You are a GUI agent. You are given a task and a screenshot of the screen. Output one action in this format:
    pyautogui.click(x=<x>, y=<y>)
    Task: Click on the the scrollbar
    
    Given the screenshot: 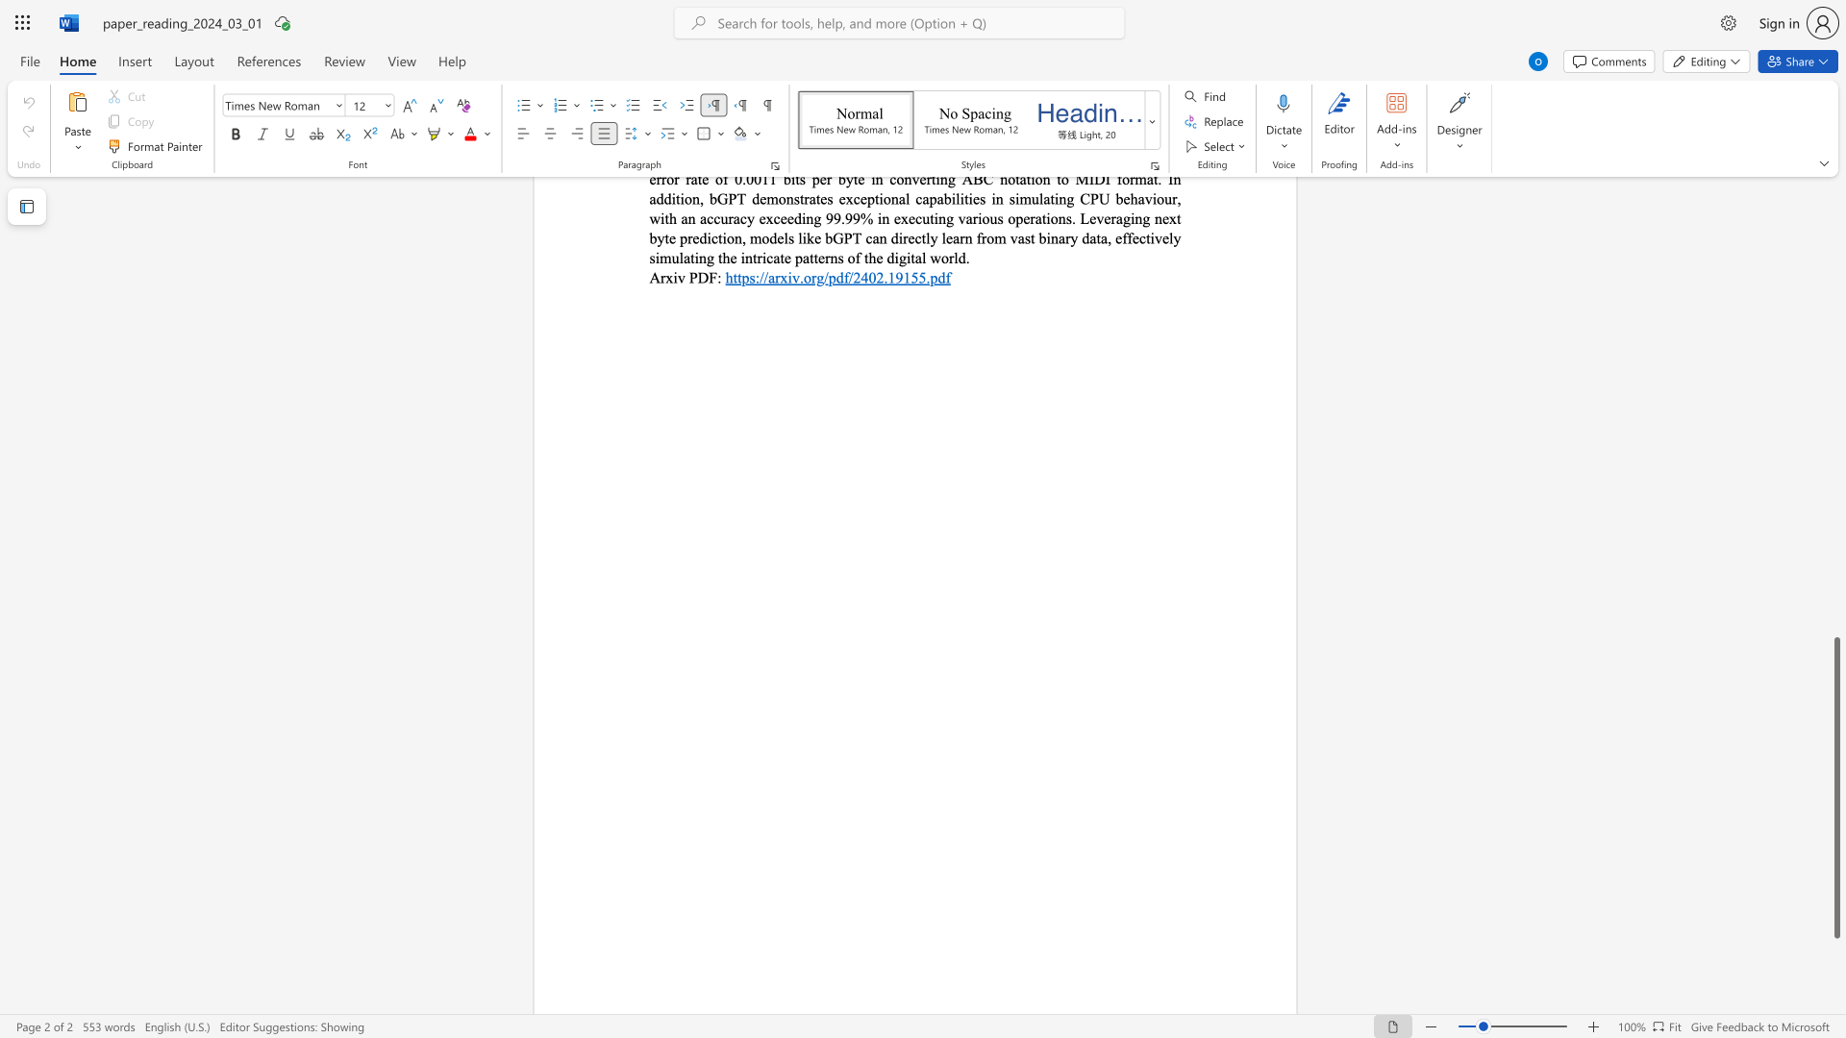 What is the action you would take?
    pyautogui.click(x=1835, y=269)
    